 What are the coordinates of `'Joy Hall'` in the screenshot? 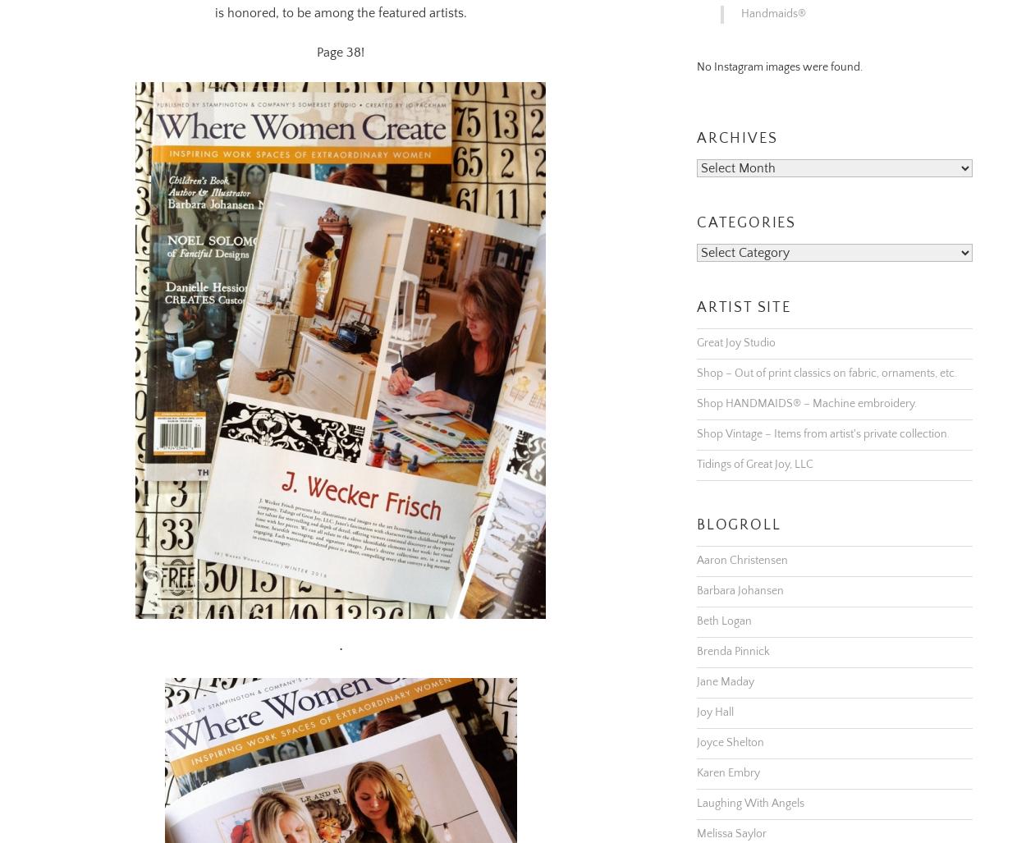 It's located at (696, 691).